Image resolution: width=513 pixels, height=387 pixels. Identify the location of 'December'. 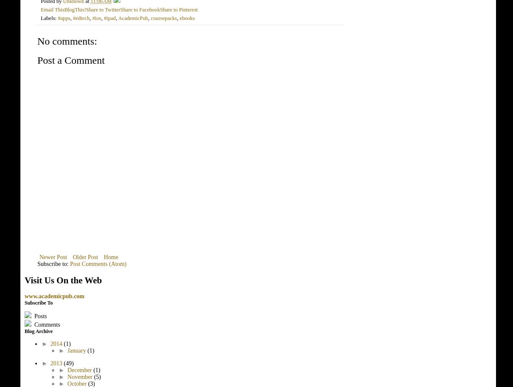
(80, 370).